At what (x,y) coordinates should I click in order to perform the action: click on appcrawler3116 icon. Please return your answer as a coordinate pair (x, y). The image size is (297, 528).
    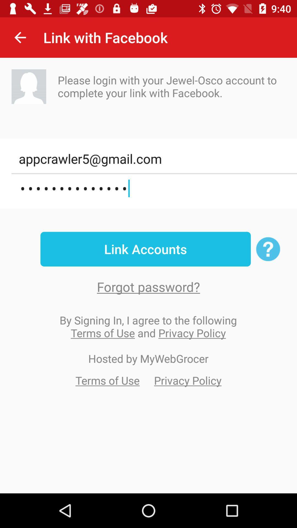
    Looking at the image, I should click on (154, 188).